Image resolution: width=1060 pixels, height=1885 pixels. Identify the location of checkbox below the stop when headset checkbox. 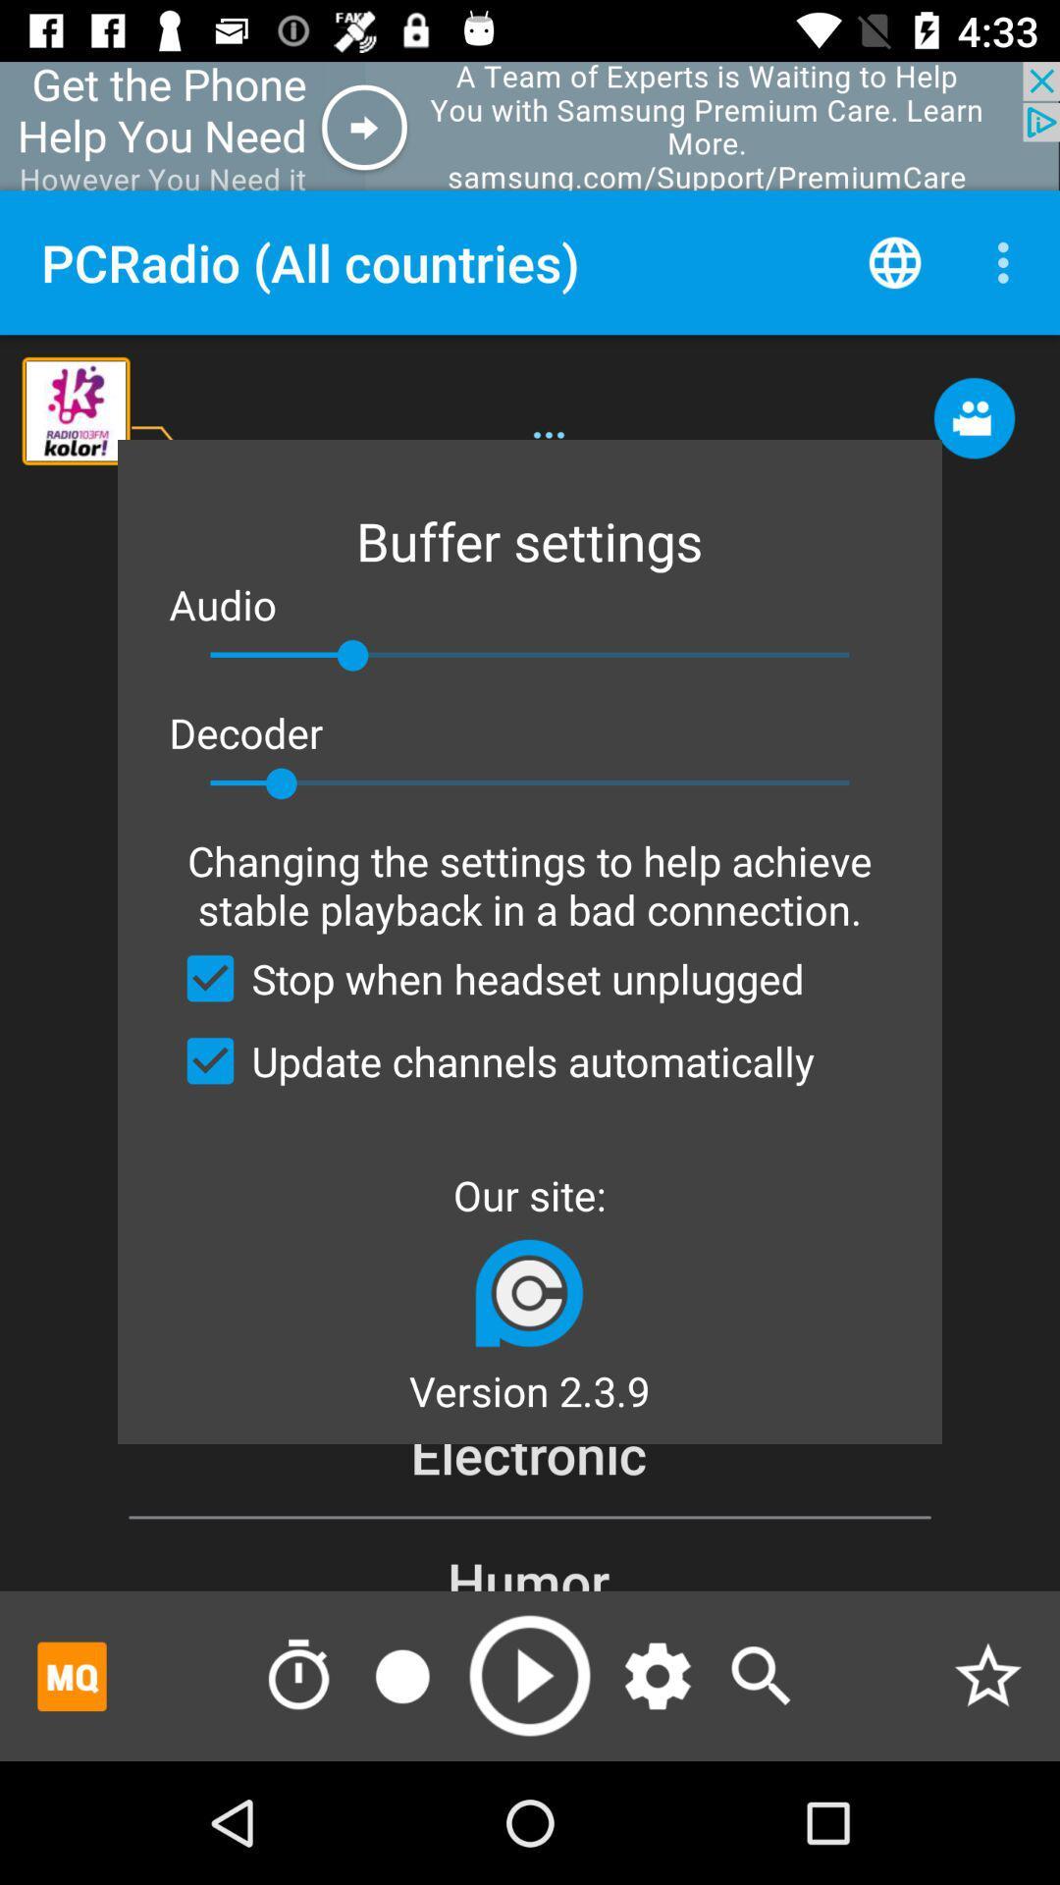
(491, 1059).